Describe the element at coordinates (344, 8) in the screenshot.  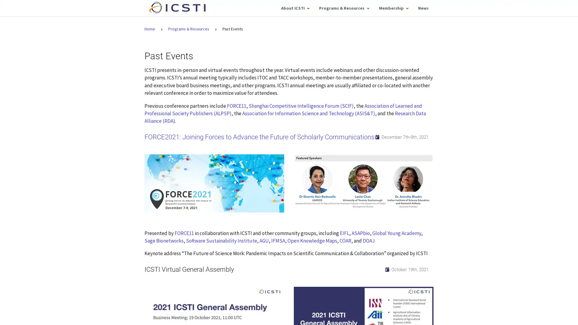
I see `Programs & Resources` at that location.